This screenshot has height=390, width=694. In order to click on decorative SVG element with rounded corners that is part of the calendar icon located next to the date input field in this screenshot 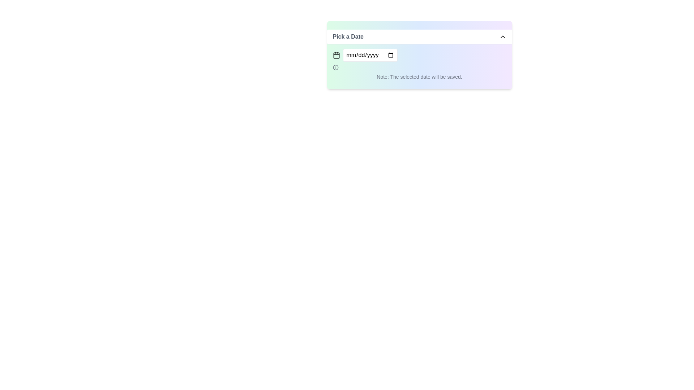, I will do `click(336, 55)`.